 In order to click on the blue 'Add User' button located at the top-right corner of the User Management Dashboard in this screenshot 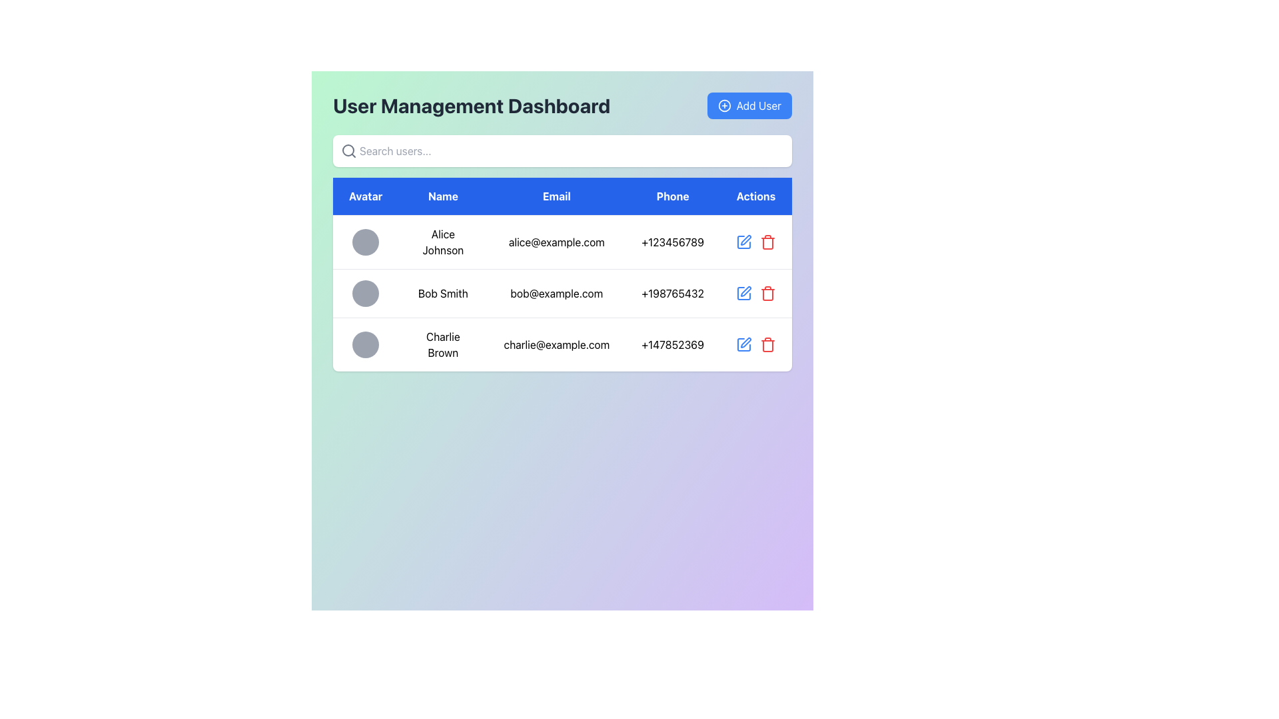, I will do `click(749, 105)`.